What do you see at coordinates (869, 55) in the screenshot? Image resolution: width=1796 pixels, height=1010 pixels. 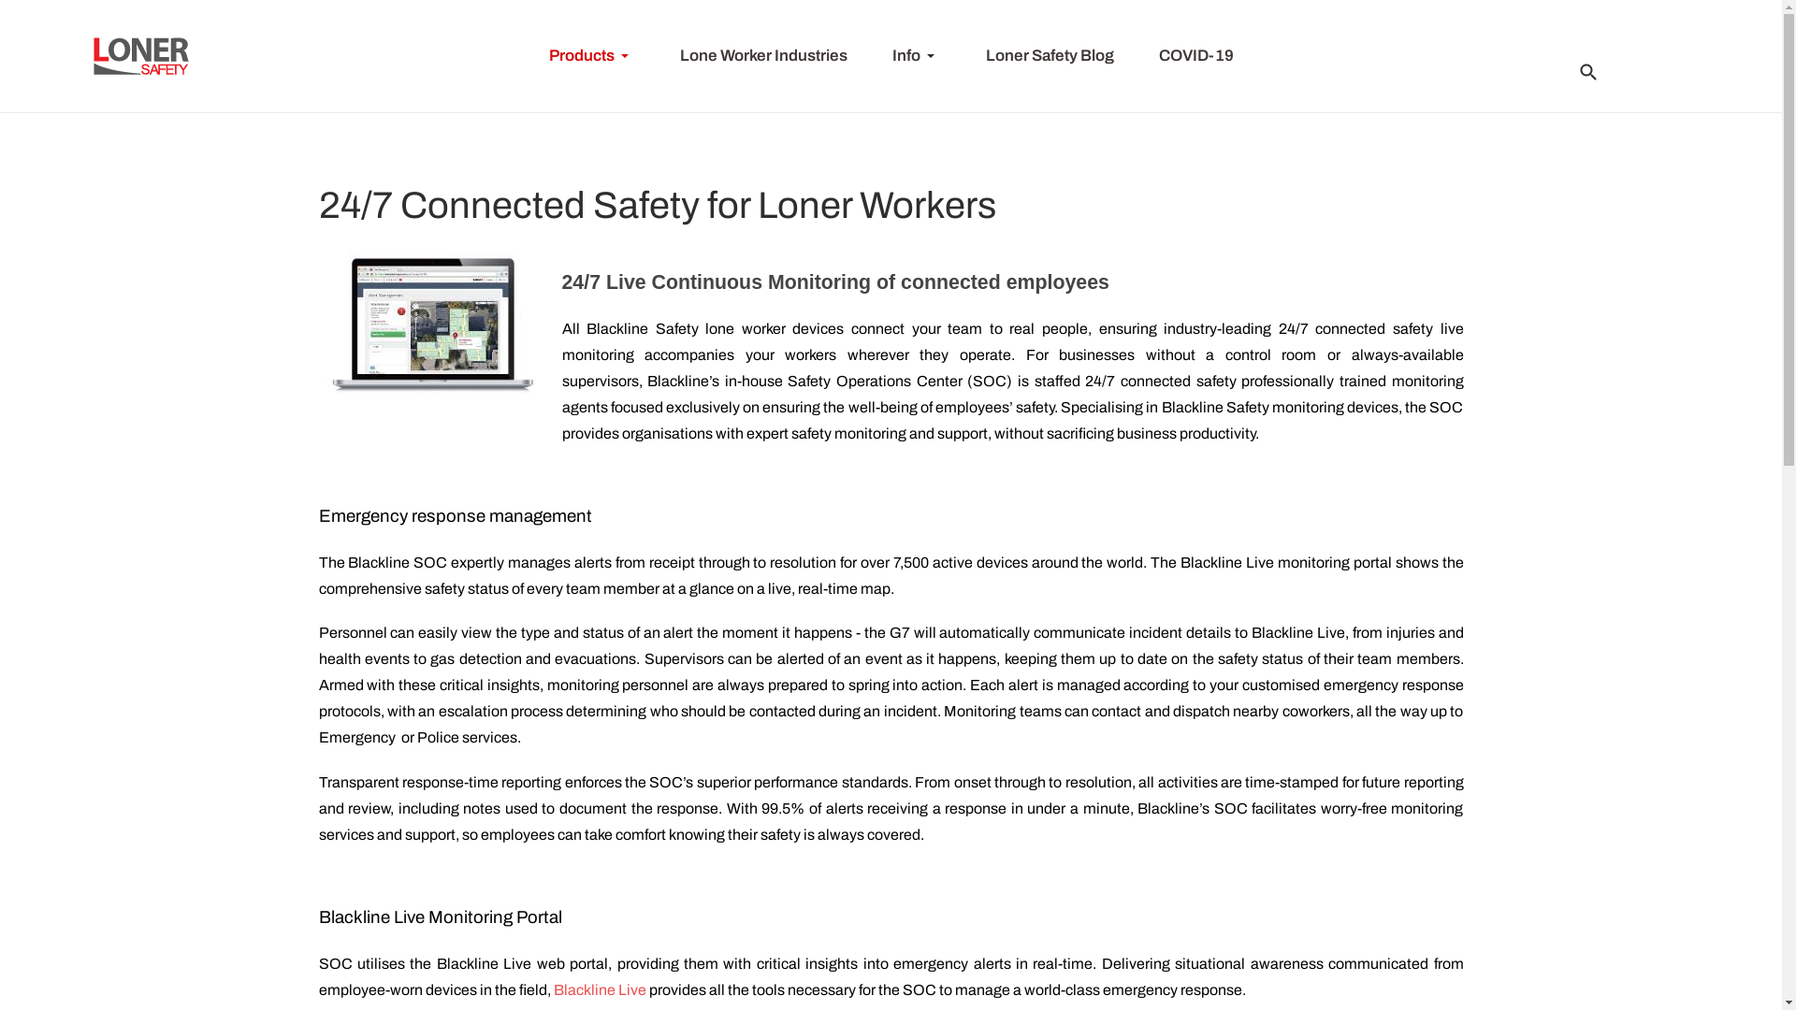 I see `'Info'` at bounding box center [869, 55].